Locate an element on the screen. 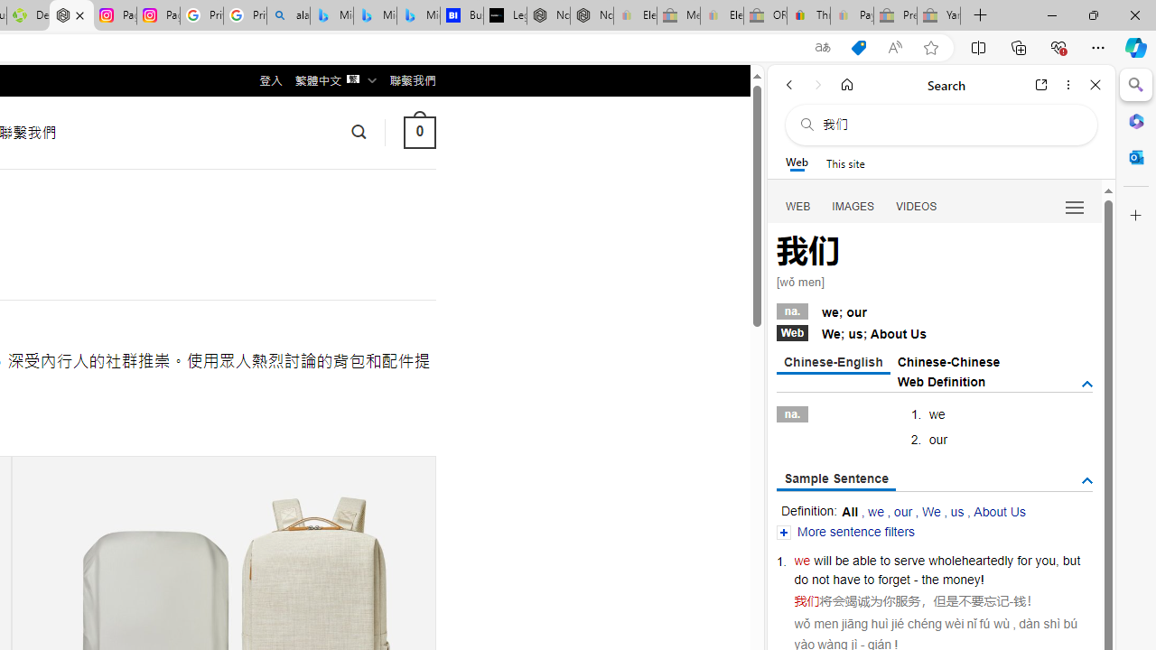 The height and width of the screenshot is (650, 1156). 'Us' is located at coordinates (918, 334).